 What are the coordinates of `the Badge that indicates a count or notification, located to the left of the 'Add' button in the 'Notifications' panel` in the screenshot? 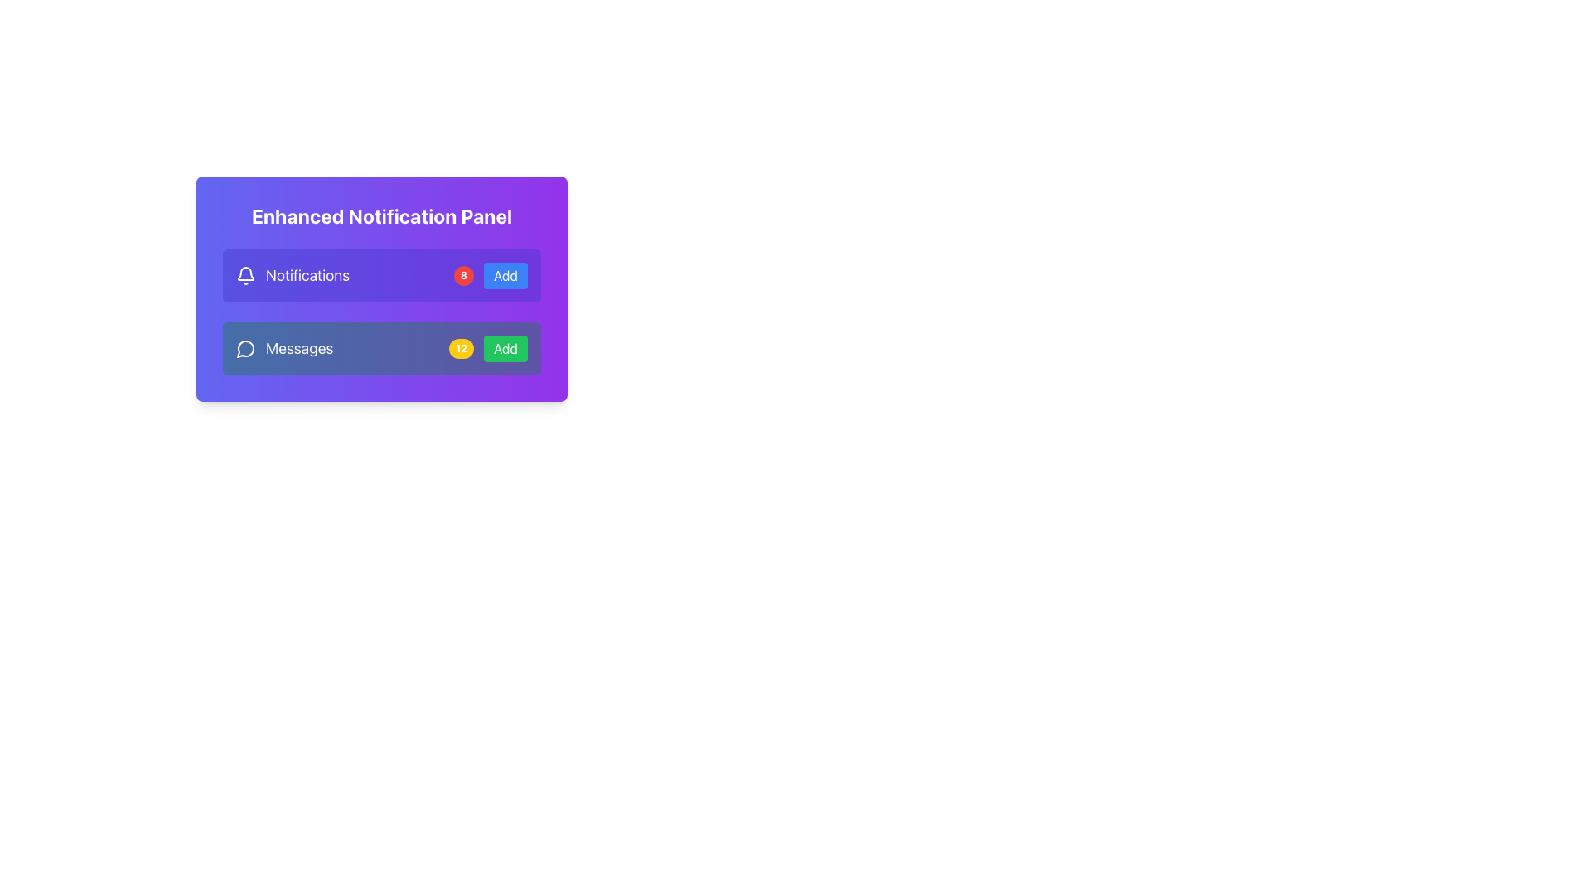 It's located at (463, 274).